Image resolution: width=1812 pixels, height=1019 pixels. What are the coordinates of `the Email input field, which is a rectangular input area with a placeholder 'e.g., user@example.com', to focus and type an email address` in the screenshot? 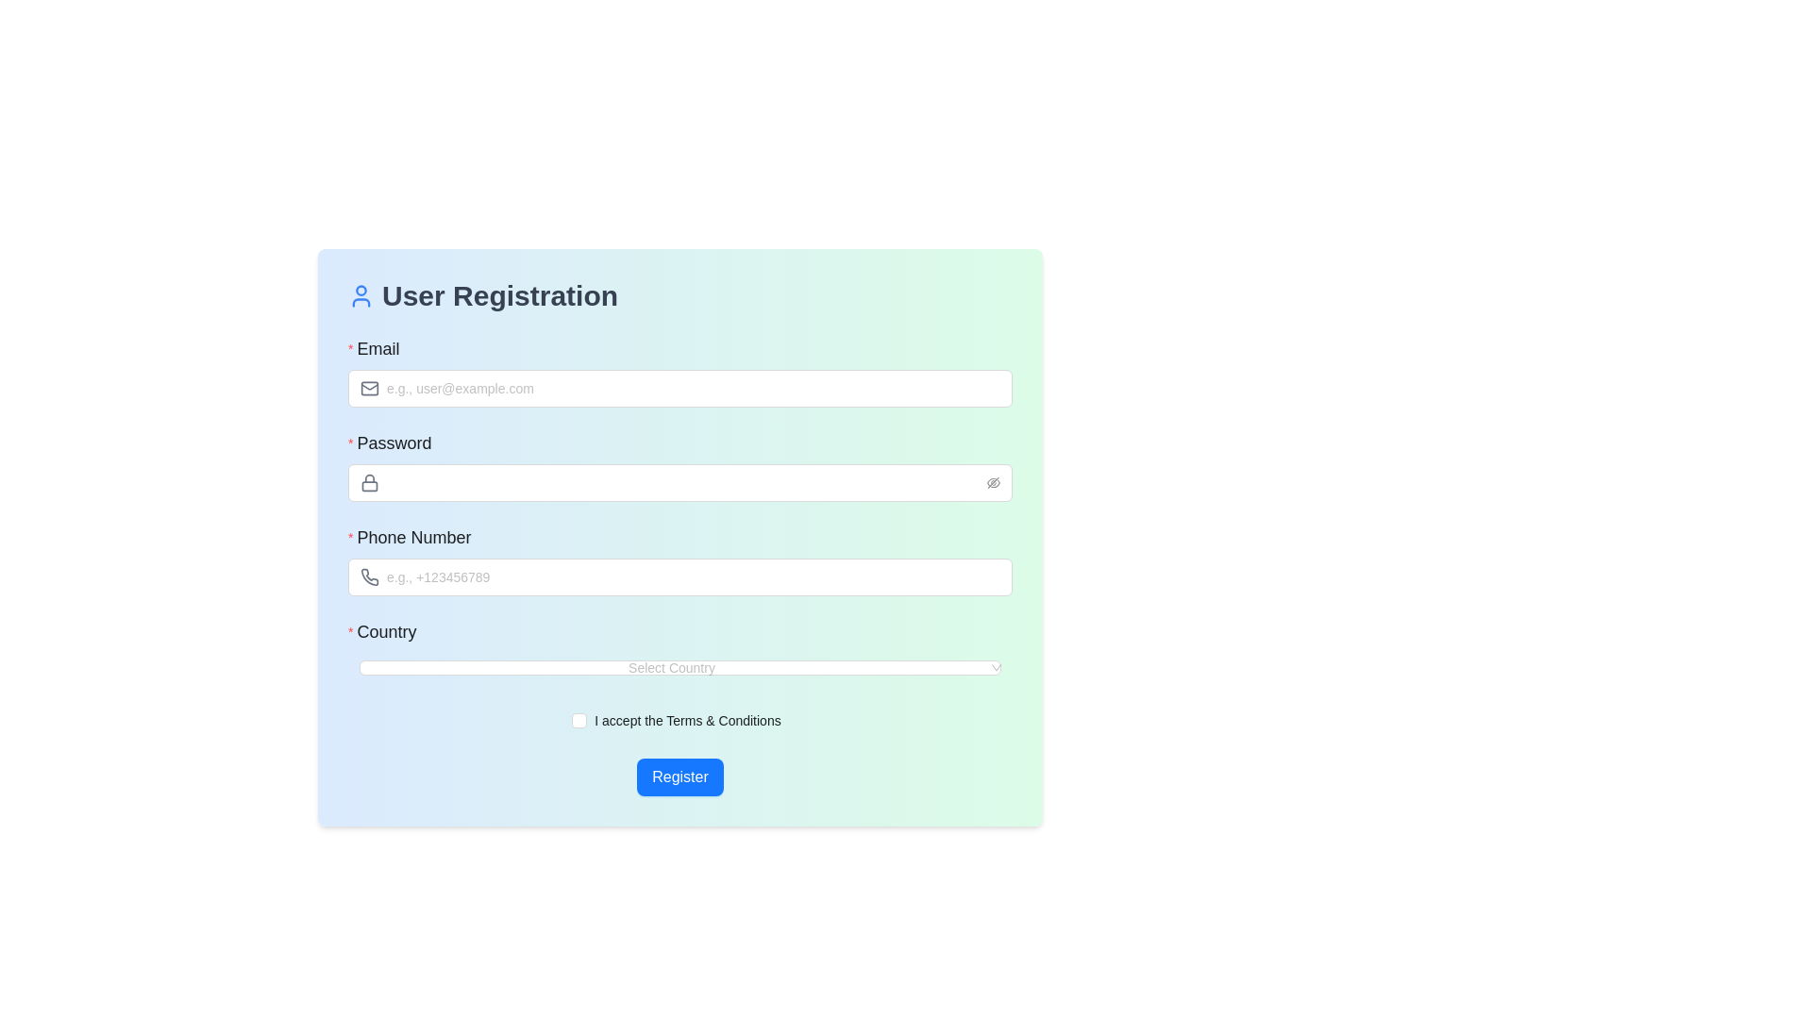 It's located at (692, 388).